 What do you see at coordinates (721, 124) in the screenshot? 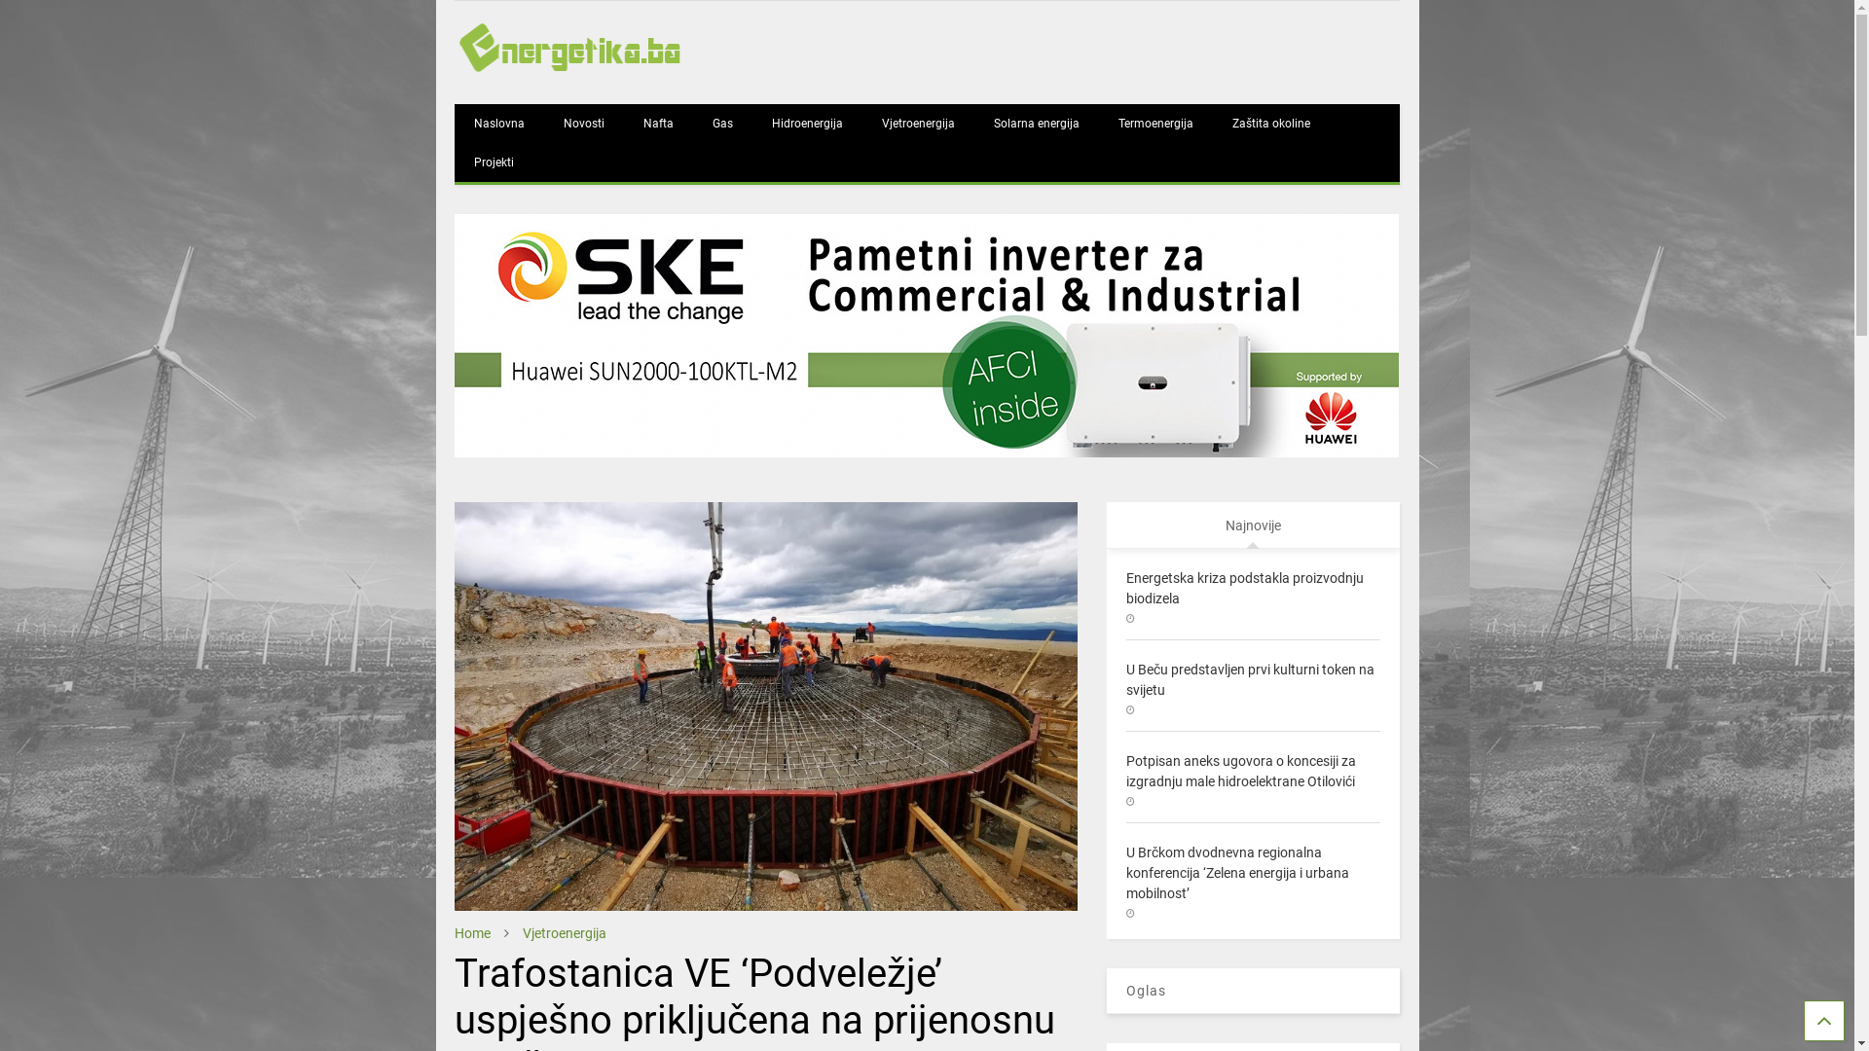
I see `'Gas'` at bounding box center [721, 124].